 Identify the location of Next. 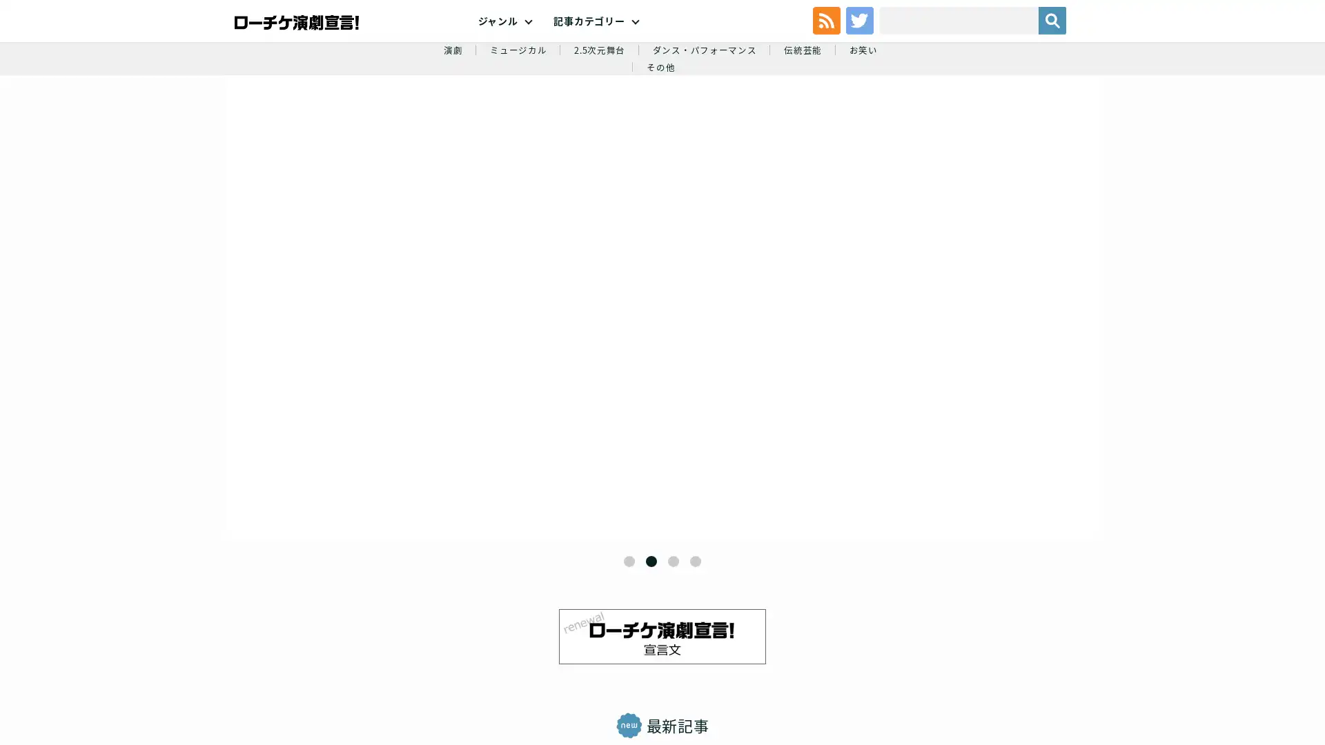
(751, 347).